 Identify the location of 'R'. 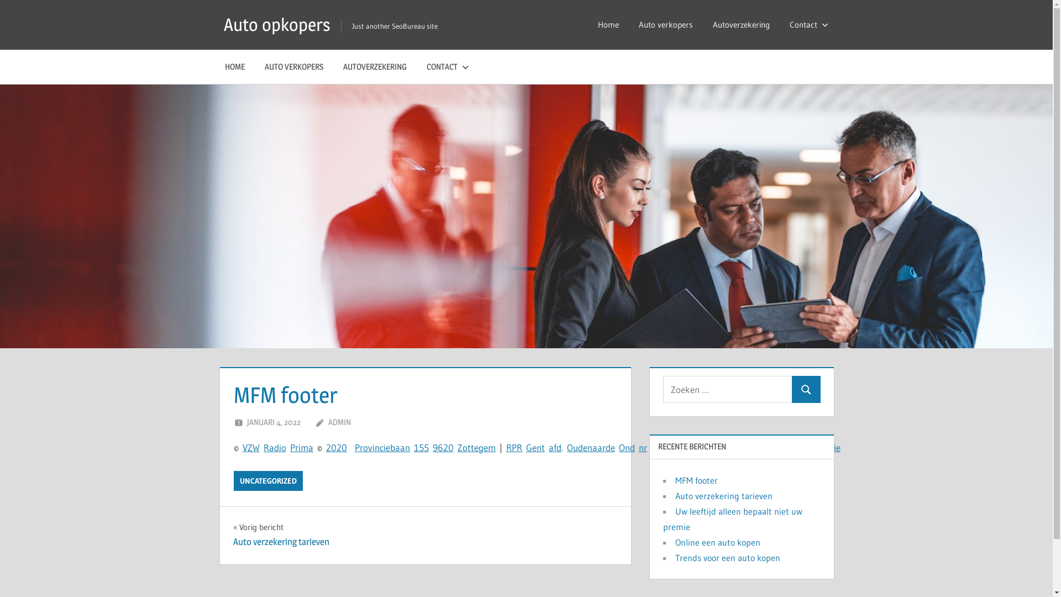
(519, 447).